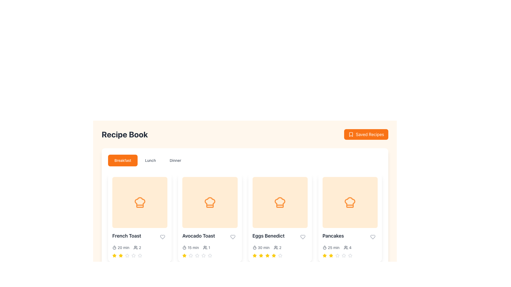 This screenshot has width=511, height=287. What do you see at coordinates (348, 248) in the screenshot?
I see `the text and icon indicating the number of users associated with the content in the rightmost card below the subtitle 'Pancakes'` at bounding box center [348, 248].